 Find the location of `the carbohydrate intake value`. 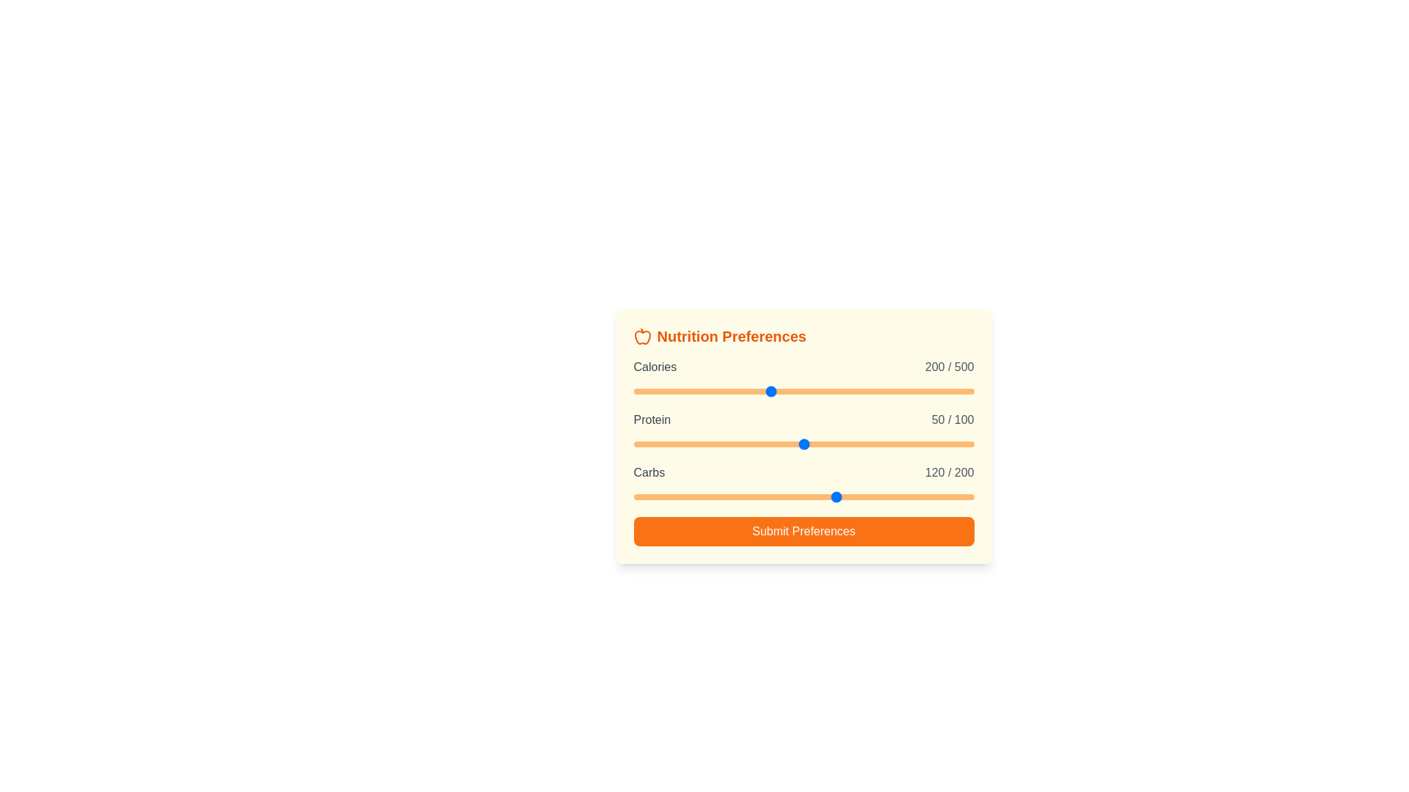

the carbohydrate intake value is located at coordinates (958, 496).